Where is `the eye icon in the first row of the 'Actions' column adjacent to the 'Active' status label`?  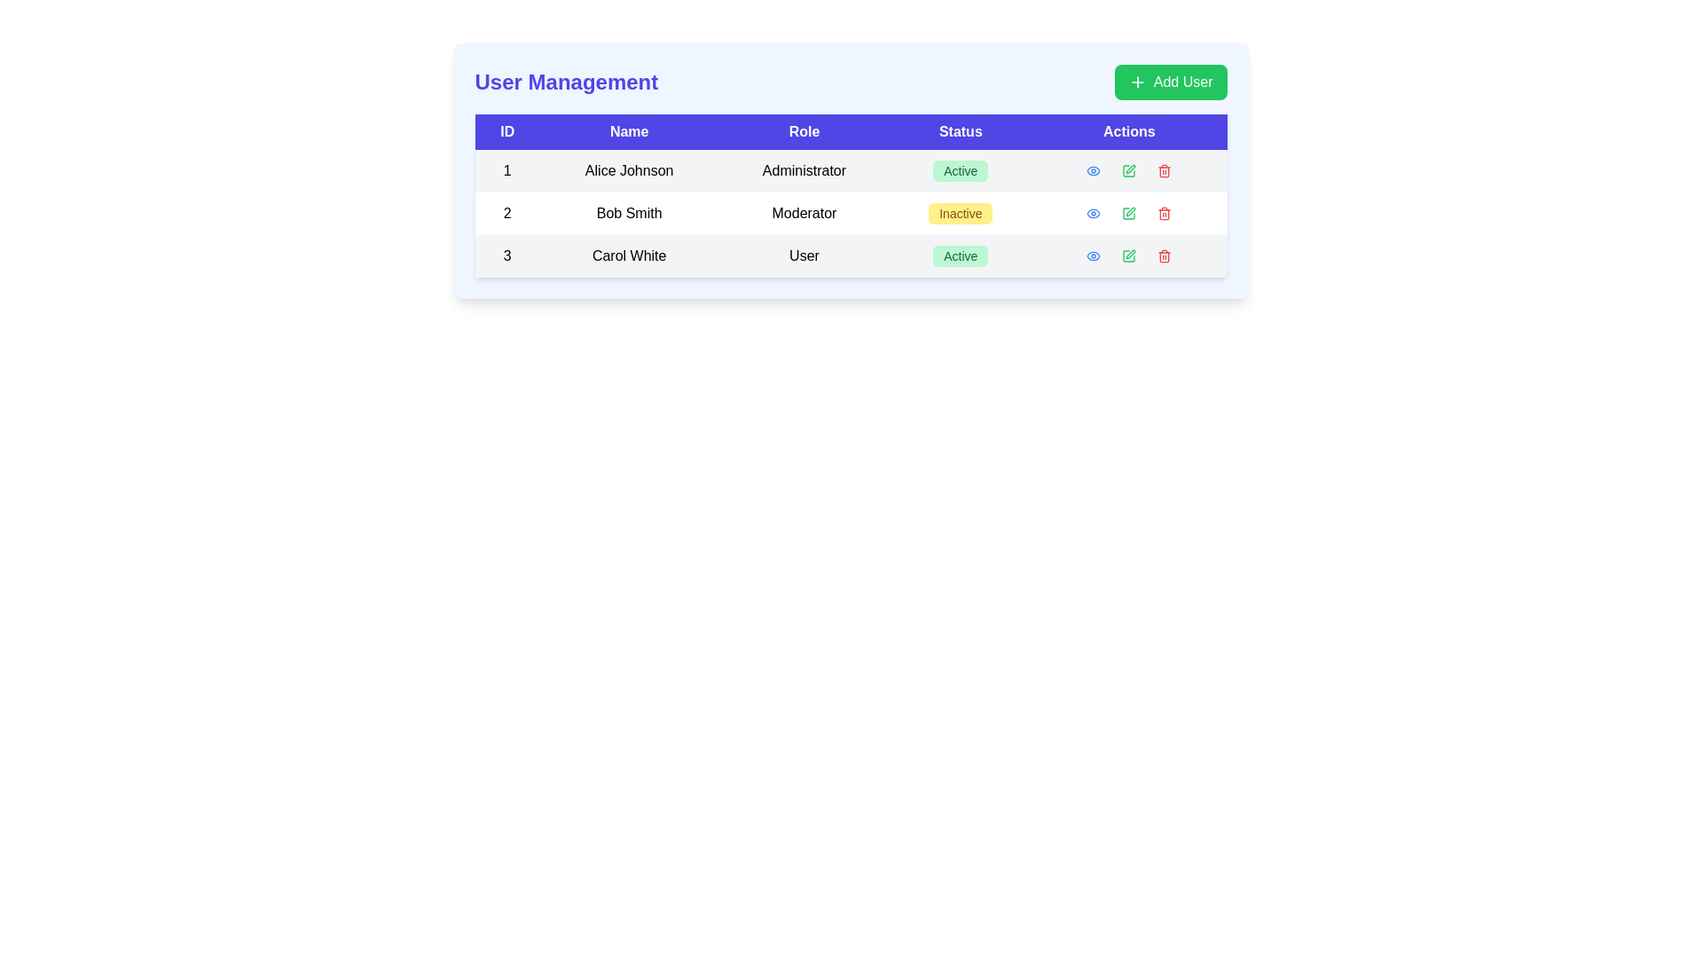 the eye icon in the first row of the 'Actions' column adjacent to the 'Active' status label is located at coordinates (1093, 170).